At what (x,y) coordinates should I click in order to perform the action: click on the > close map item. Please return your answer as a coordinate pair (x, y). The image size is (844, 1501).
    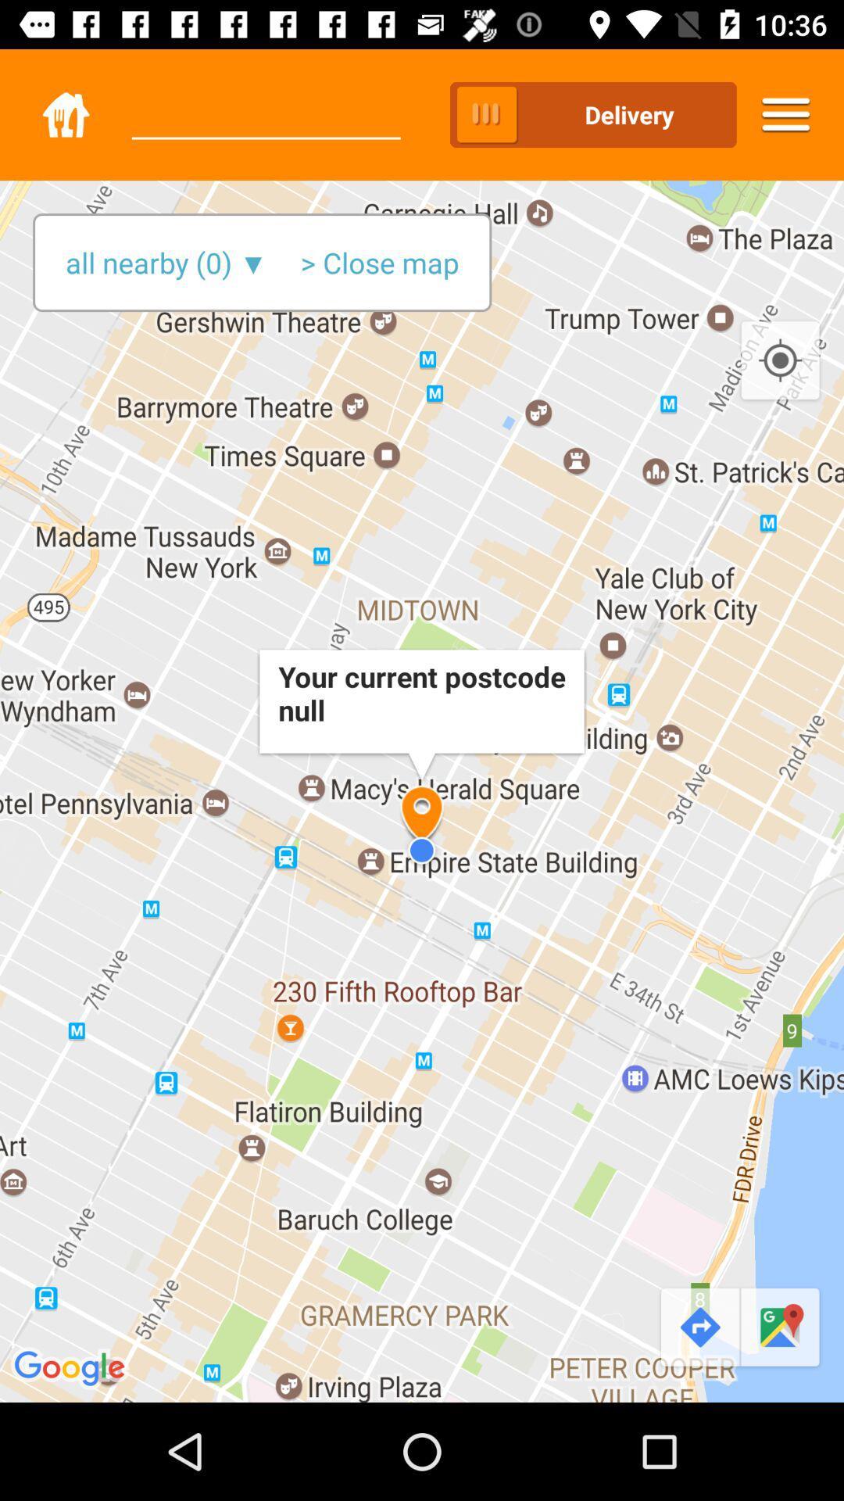
    Looking at the image, I should click on (380, 263).